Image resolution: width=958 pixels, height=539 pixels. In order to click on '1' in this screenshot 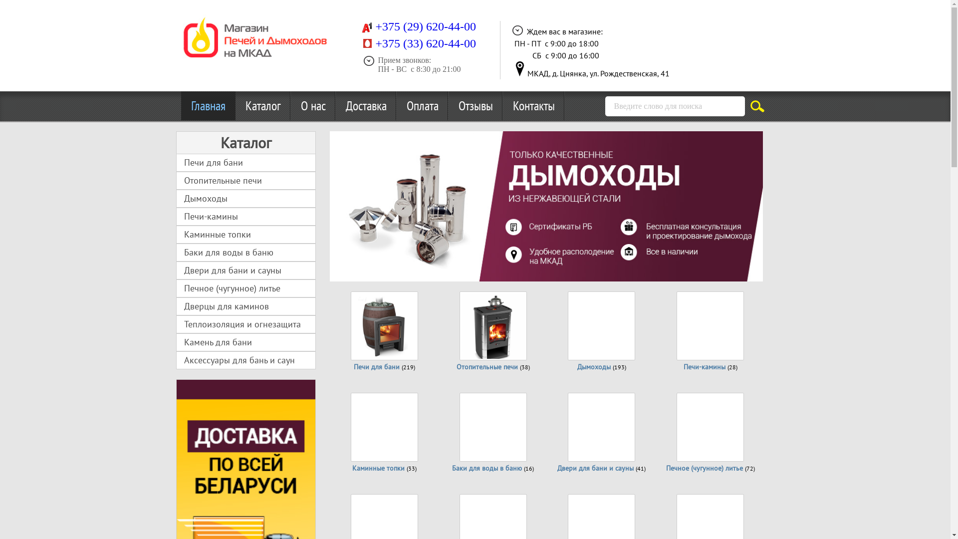, I will do `click(344, 265)`.